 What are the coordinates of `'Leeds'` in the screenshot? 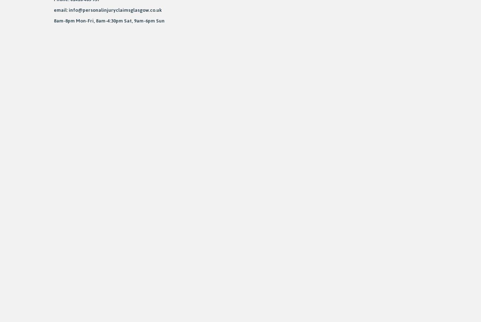 It's located at (54, 130).